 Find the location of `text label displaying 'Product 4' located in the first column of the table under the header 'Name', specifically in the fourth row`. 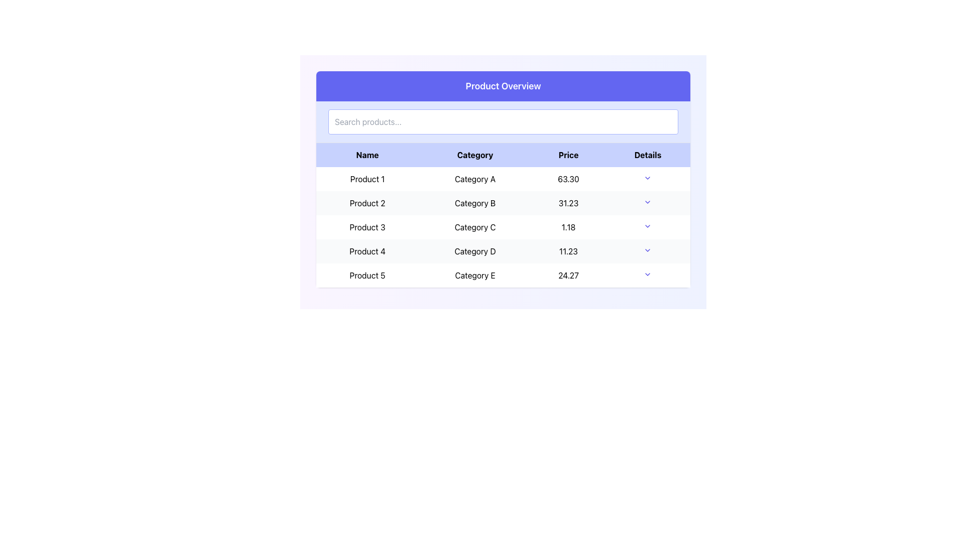

text label displaying 'Product 4' located in the first column of the table under the header 'Name', specifically in the fourth row is located at coordinates (367, 251).